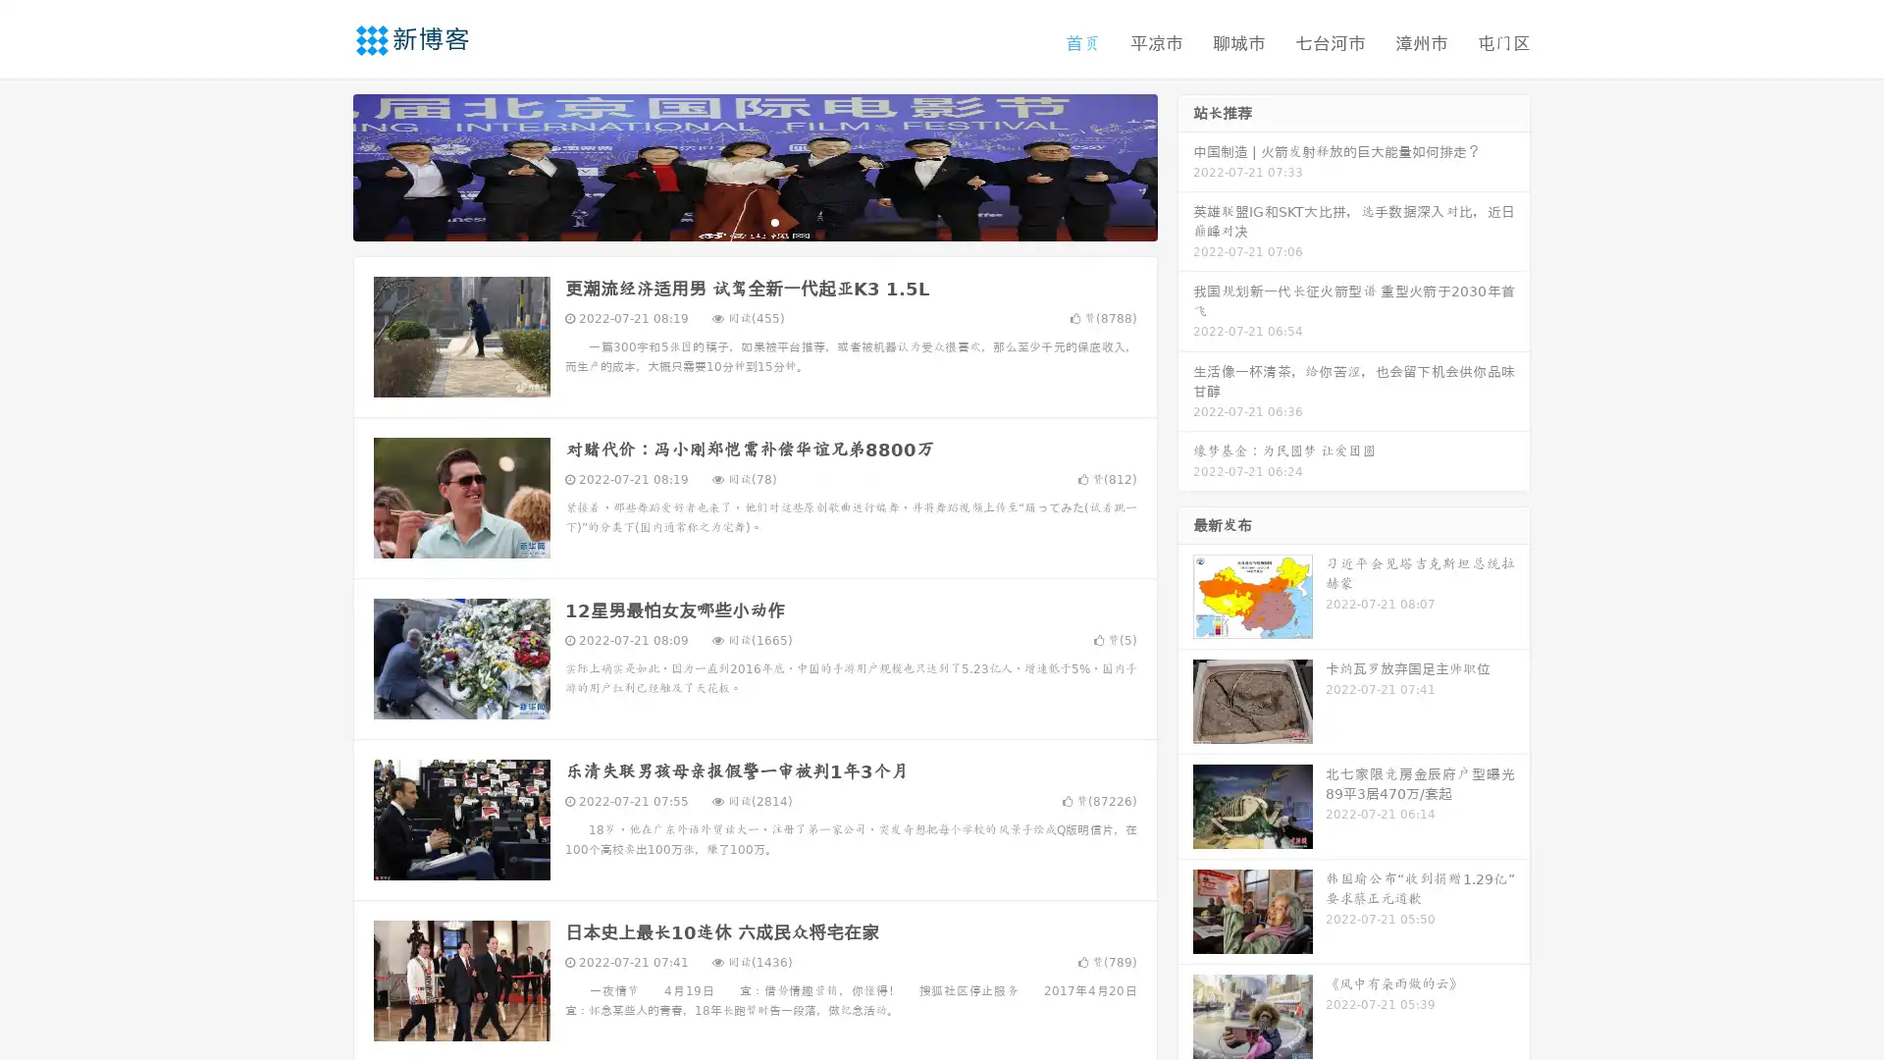 The image size is (1884, 1060). I want to click on Go to slide 3, so click(774, 221).